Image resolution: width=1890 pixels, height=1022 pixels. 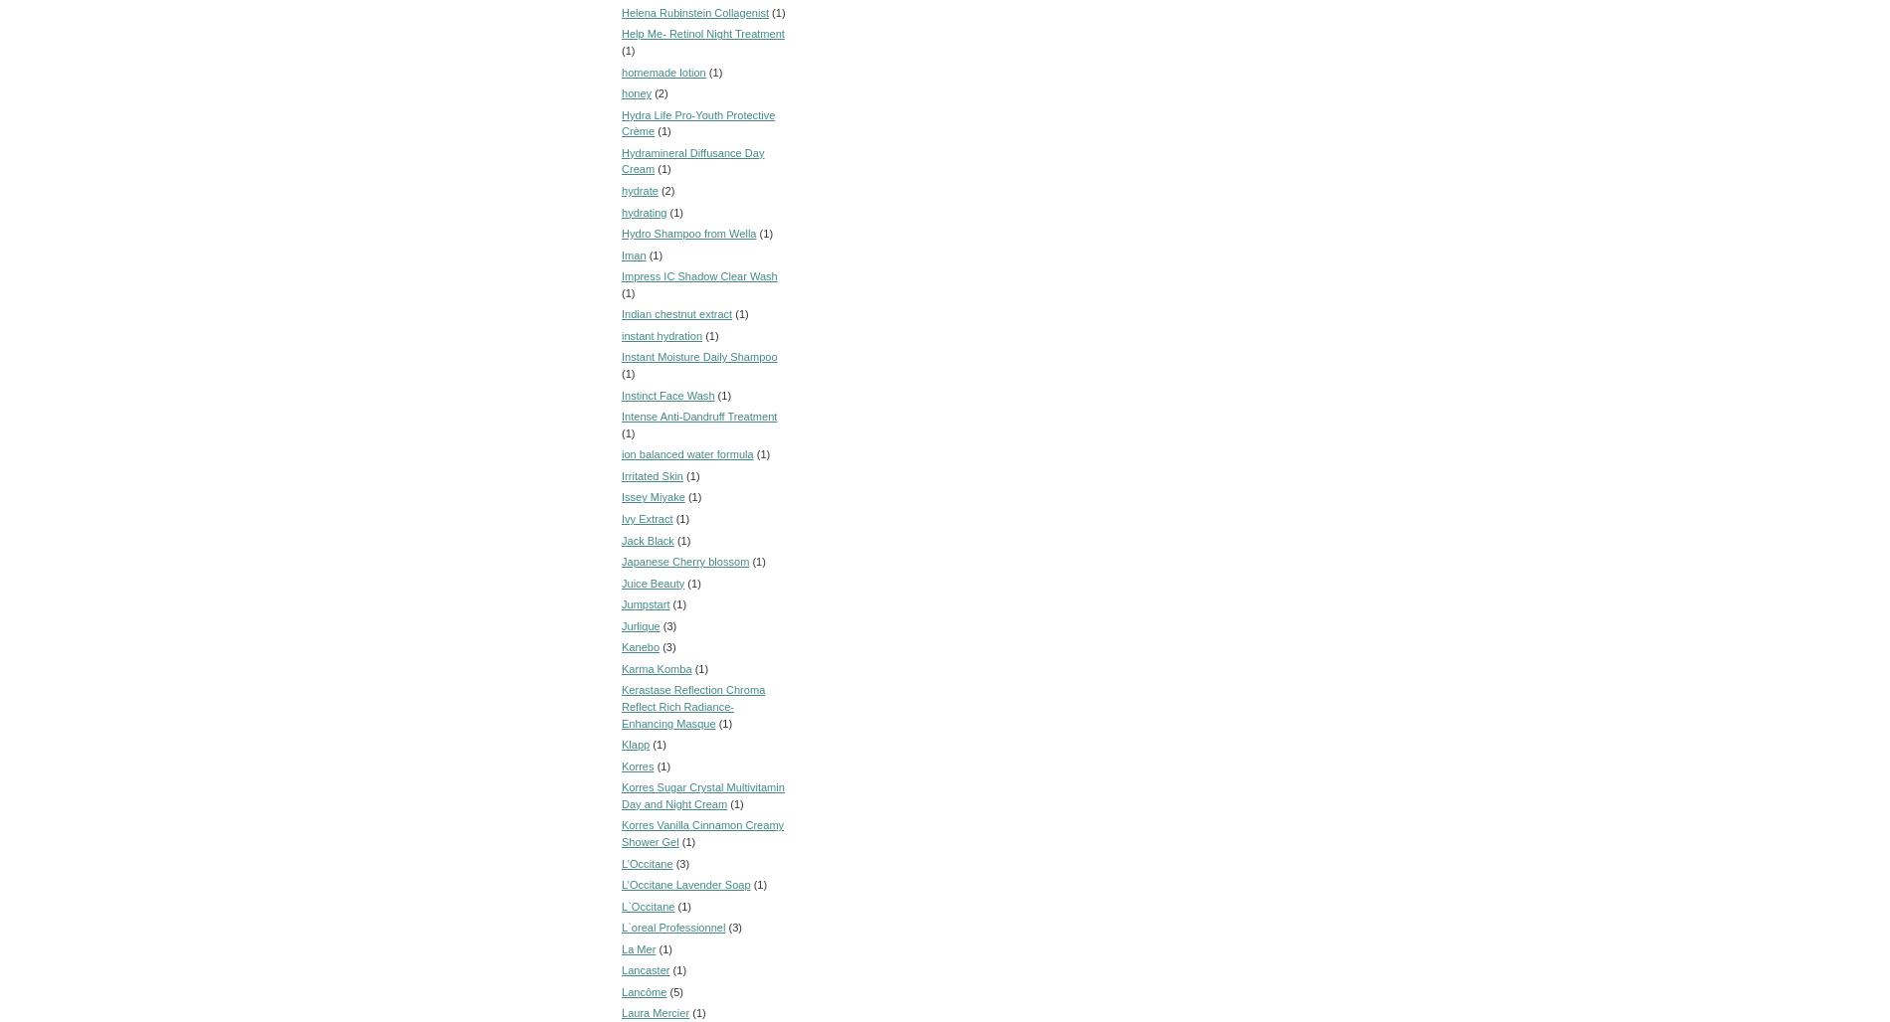 What do you see at coordinates (702, 794) in the screenshot?
I see `'Korres Sugar Crystal Multivitamin Day and Night Cream'` at bounding box center [702, 794].